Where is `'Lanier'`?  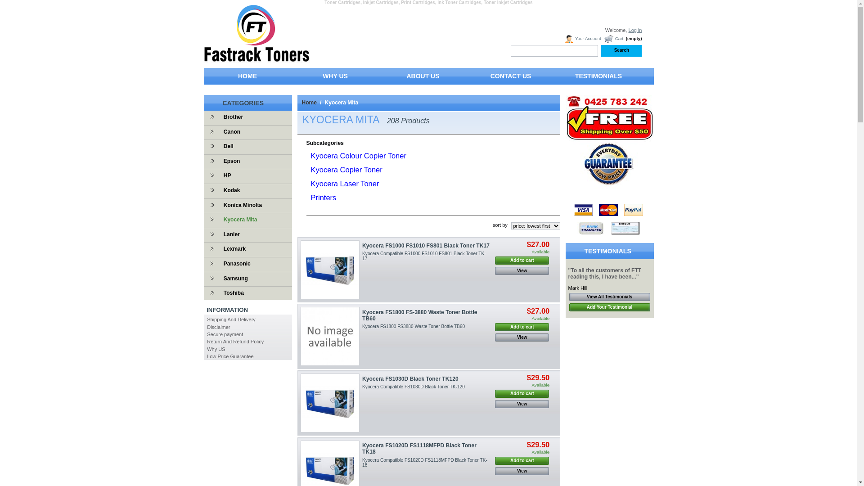 'Lanier' is located at coordinates (219, 234).